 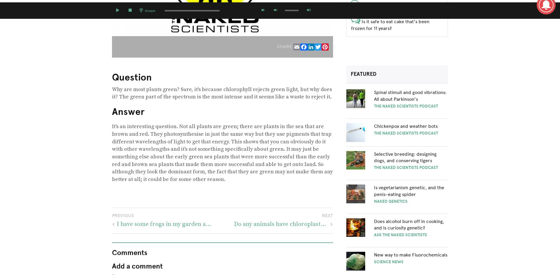 I want to click on 'Chickenpox and weather bots', so click(x=405, y=125).